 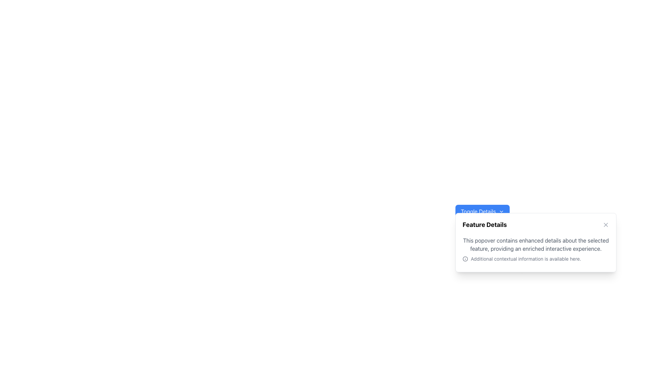 I want to click on the 'X' close icon located in the top-right corner of the 'Feature Details' popover, so click(x=606, y=225).